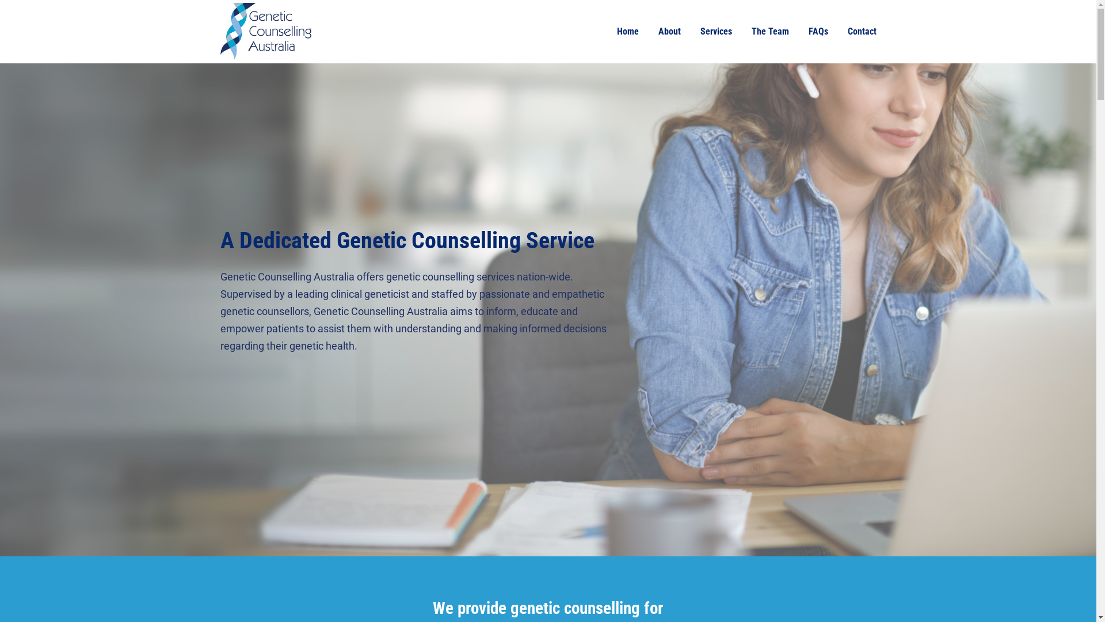 The height and width of the screenshot is (622, 1105). Describe the element at coordinates (627, 31) in the screenshot. I see `'Home'` at that location.